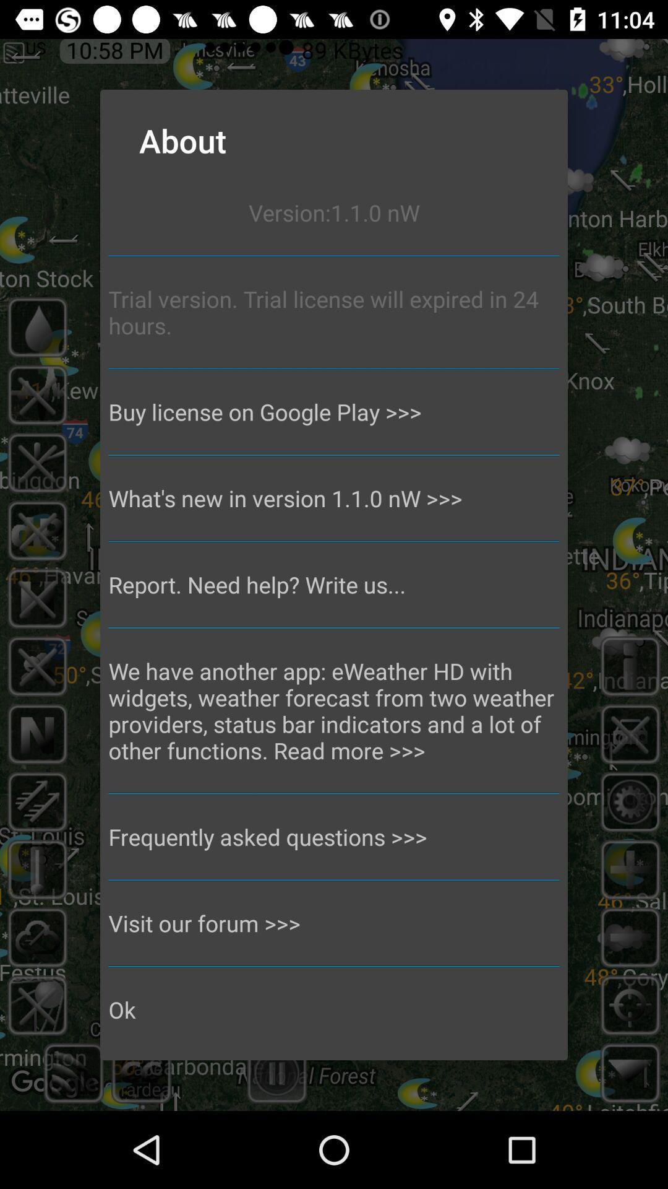  What do you see at coordinates (334, 710) in the screenshot?
I see `we have another item` at bounding box center [334, 710].